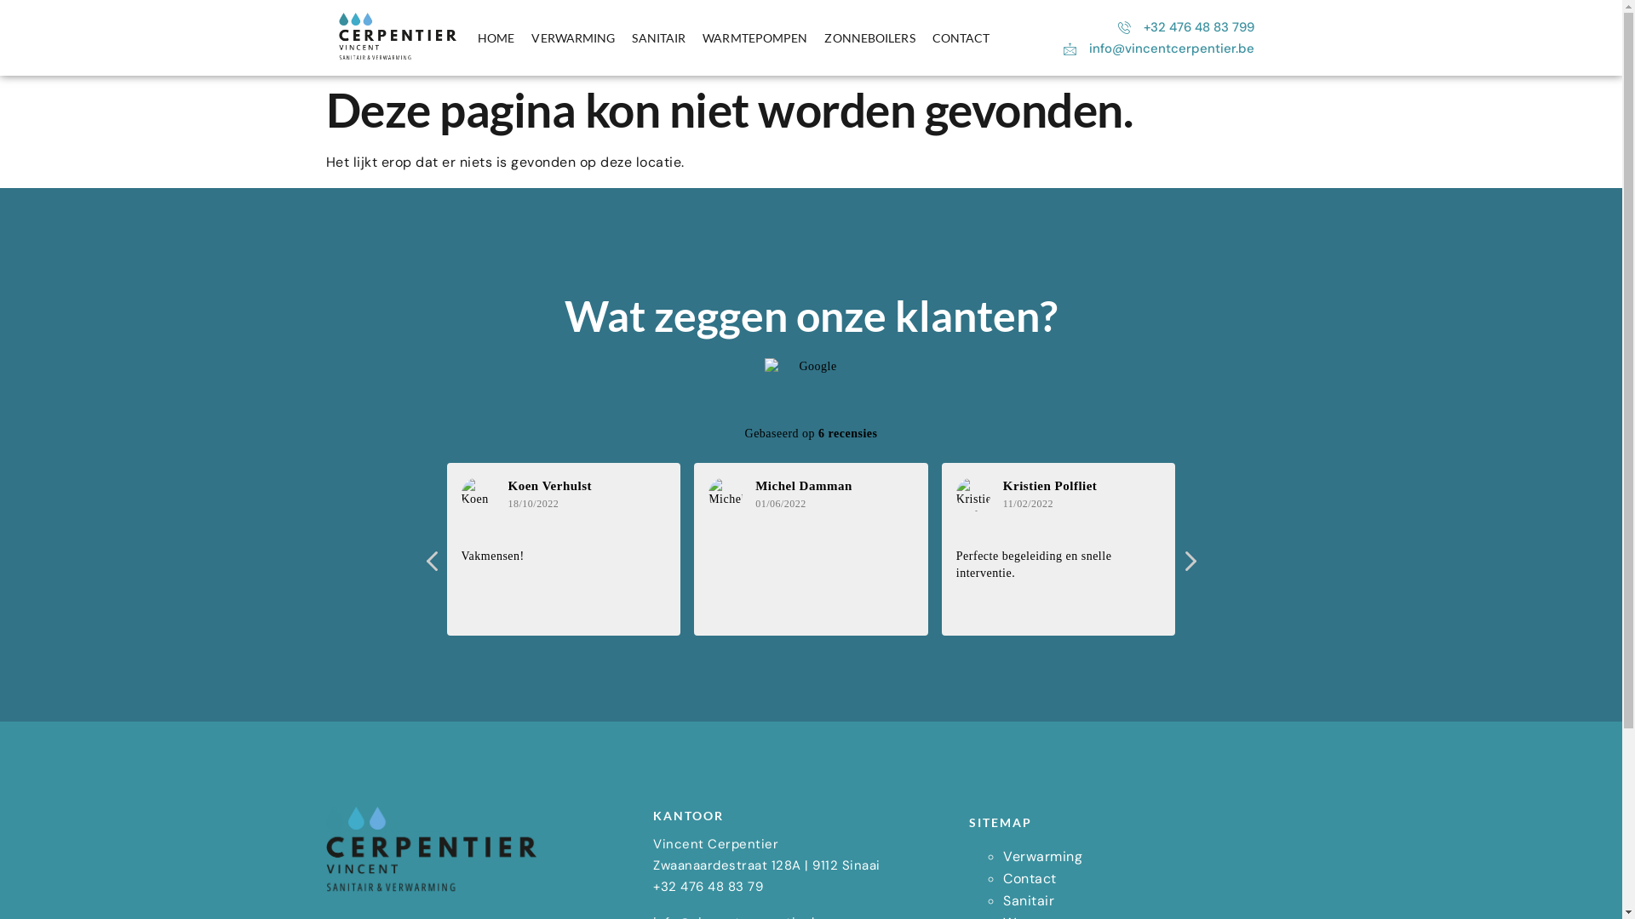  What do you see at coordinates (572, 38) in the screenshot?
I see `'VERWARMING'` at bounding box center [572, 38].